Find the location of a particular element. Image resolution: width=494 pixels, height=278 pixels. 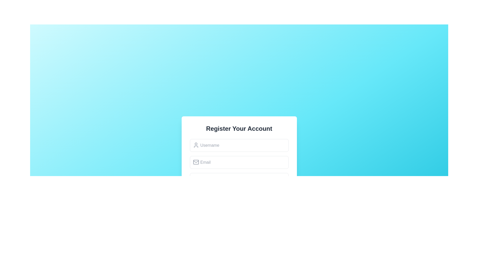

the second input field for email address in the registration form to focus and type is located at coordinates (239, 163).